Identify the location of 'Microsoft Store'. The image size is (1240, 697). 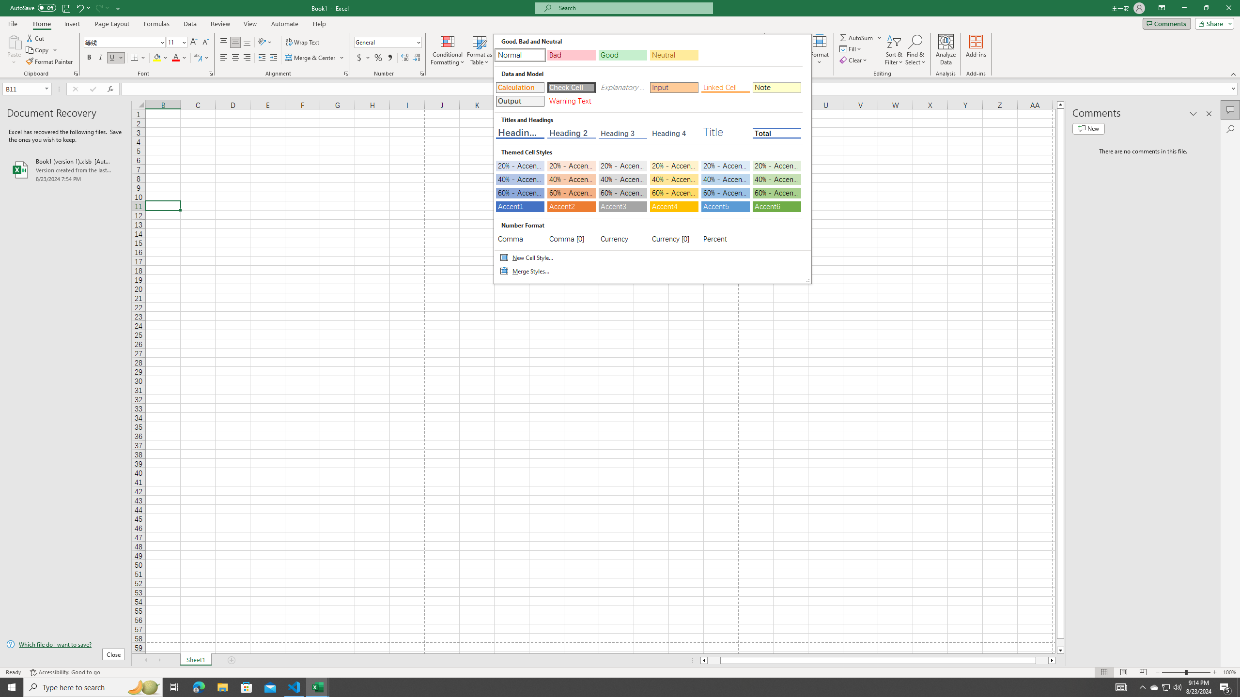
(247, 686).